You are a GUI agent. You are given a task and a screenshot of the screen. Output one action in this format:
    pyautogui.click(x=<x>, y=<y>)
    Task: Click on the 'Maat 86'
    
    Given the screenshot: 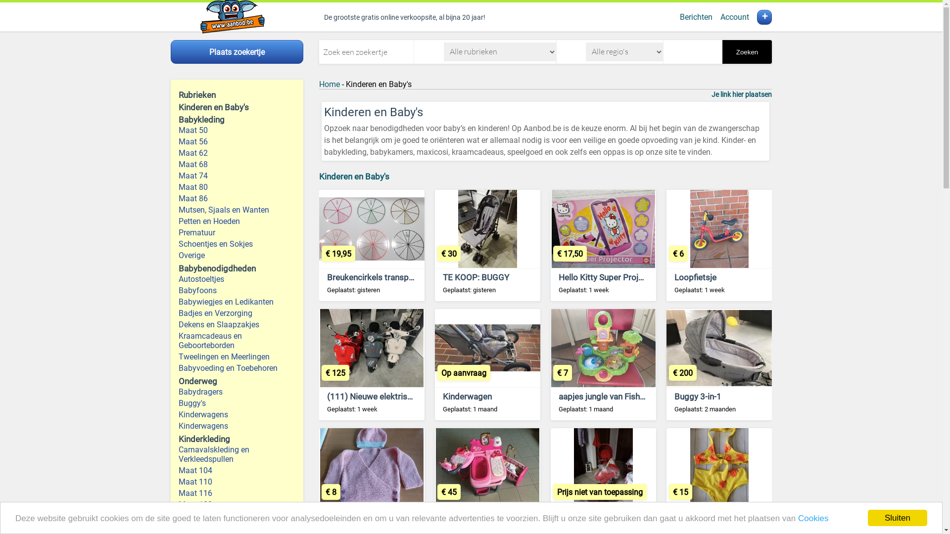 What is the action you would take?
    pyautogui.click(x=178, y=198)
    